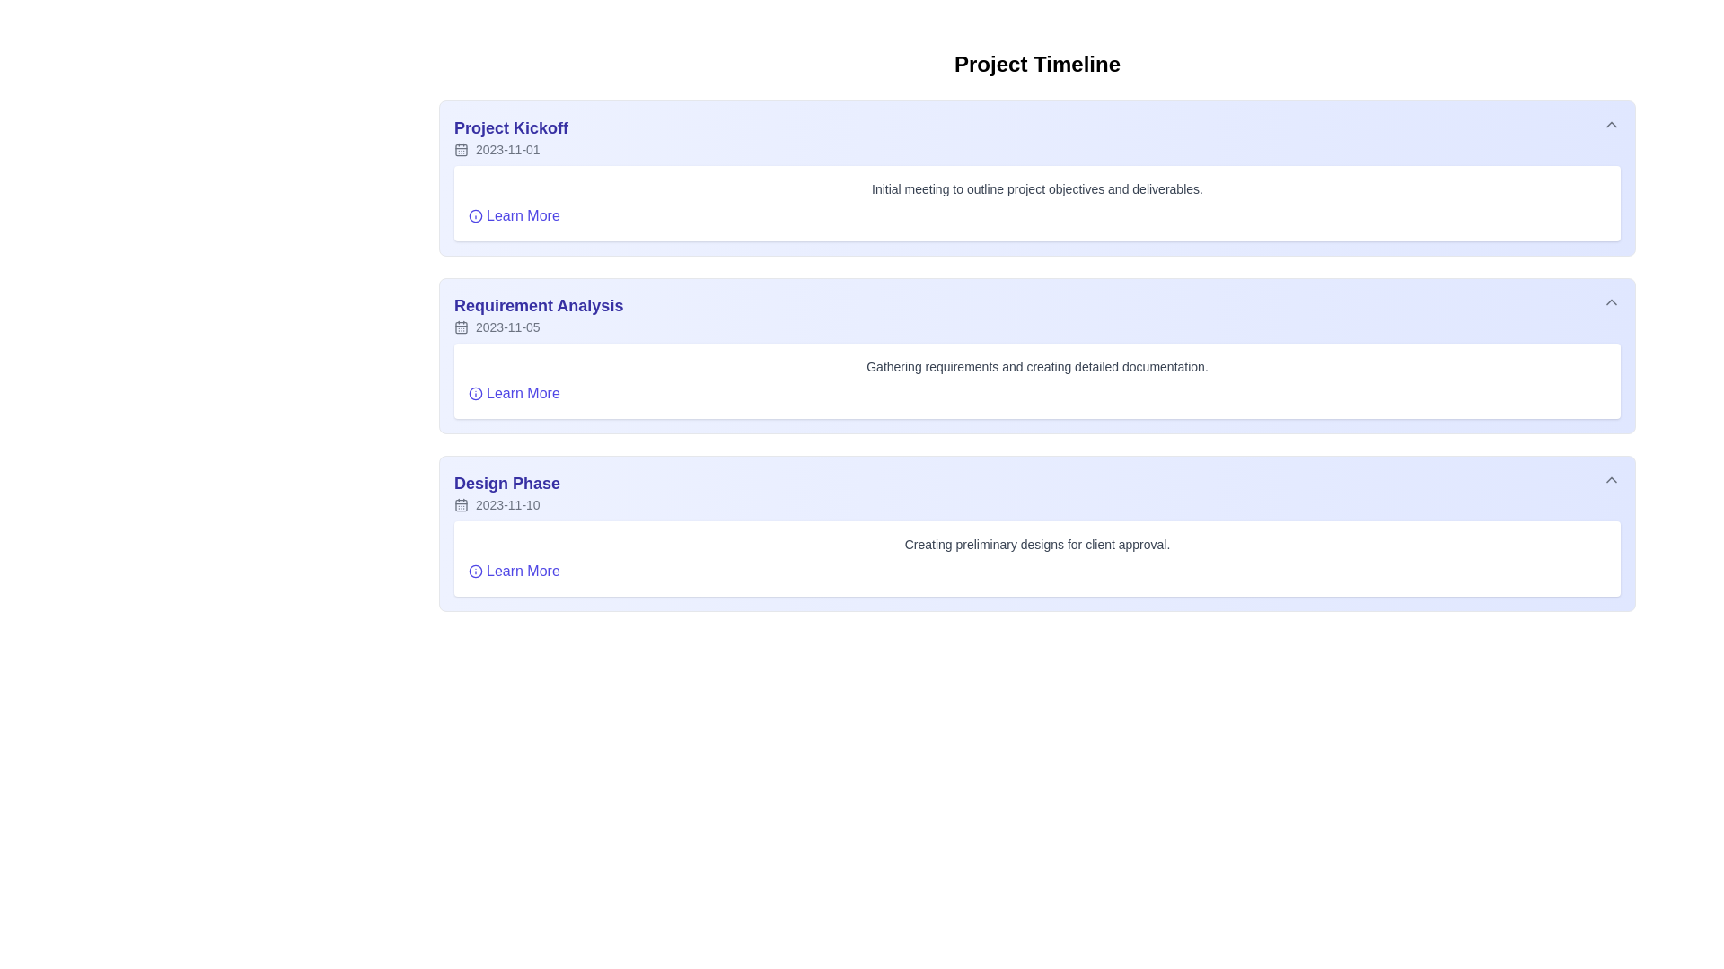 The height and width of the screenshot is (969, 1724). What do you see at coordinates (513, 571) in the screenshot?
I see `the 'Learn More' hyperlink, which is styled in blue and accompanied by an information icon` at bounding box center [513, 571].